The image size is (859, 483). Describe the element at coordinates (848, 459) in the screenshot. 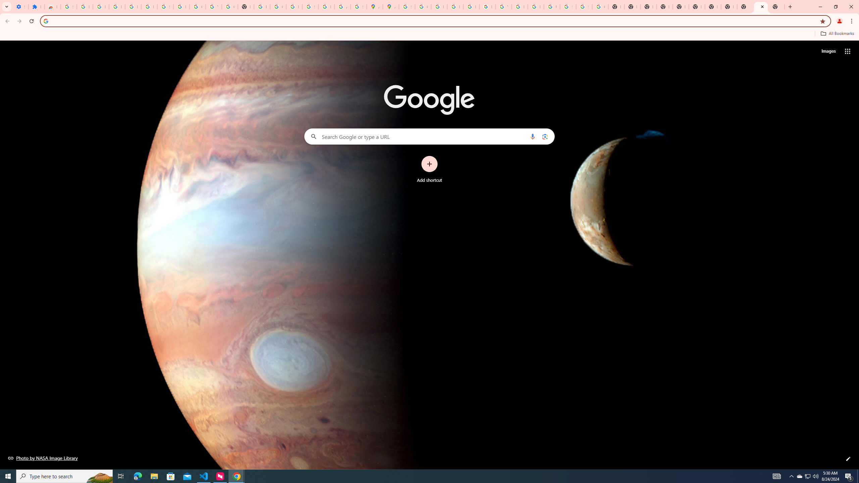

I see `'Customize this page'` at that location.